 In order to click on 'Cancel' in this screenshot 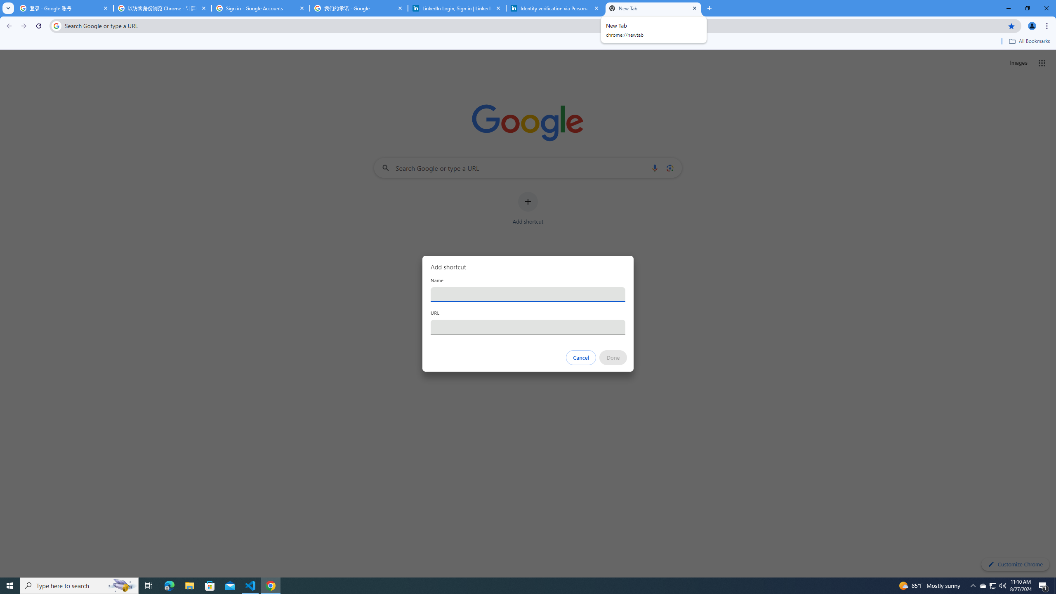, I will do `click(581, 357)`.